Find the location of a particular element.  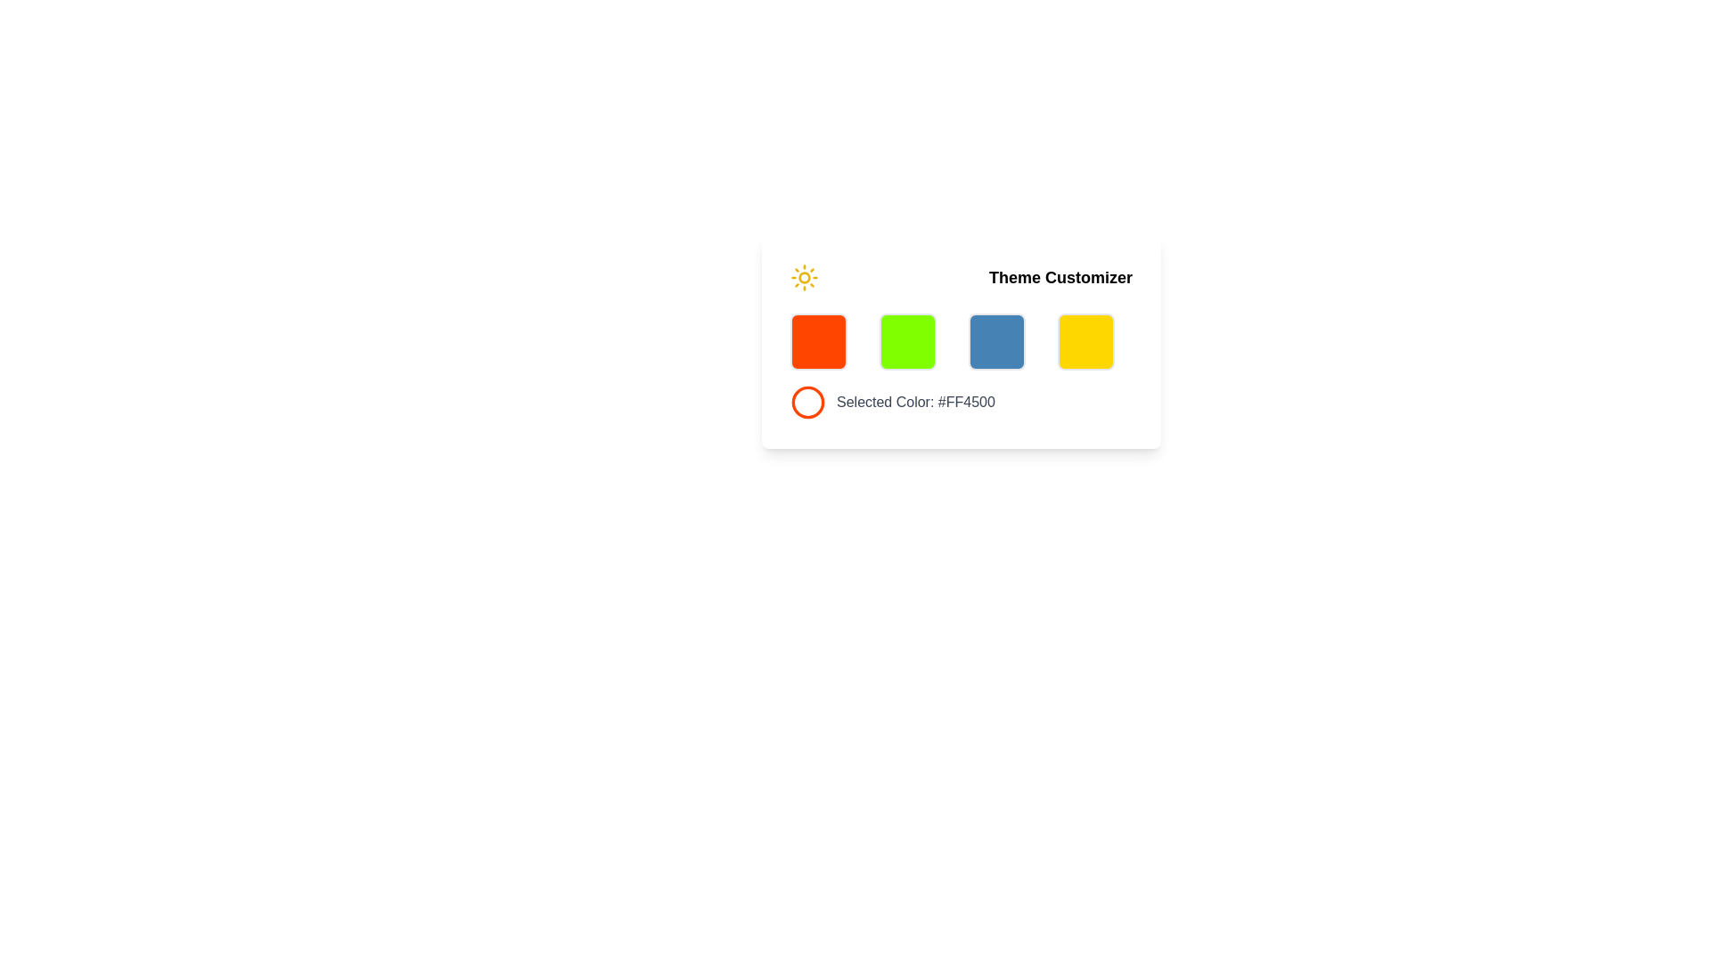

the circular orange icon with a transparent interior and a small dot in the center, located to the left of the label 'Selected Color: #FF4500' is located at coordinates (807, 402).